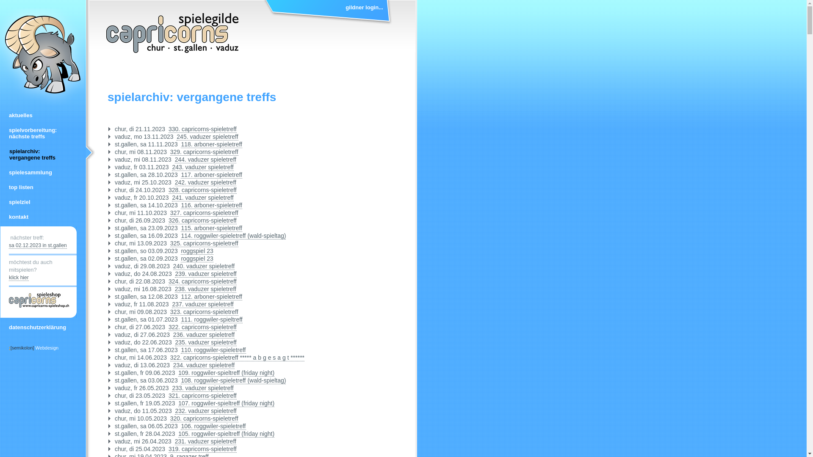  Describe the element at coordinates (180, 205) in the screenshot. I see `'116. arboner-spieletreff'` at that location.